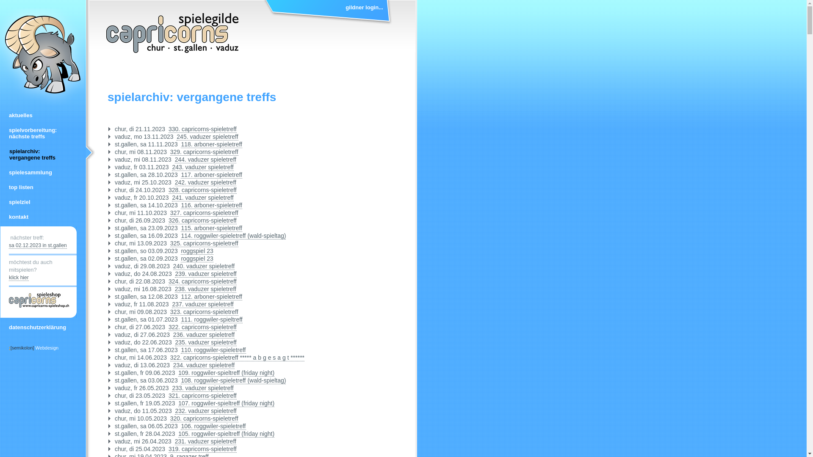  Describe the element at coordinates (180, 205) in the screenshot. I see `'116. arboner-spieletreff'` at that location.